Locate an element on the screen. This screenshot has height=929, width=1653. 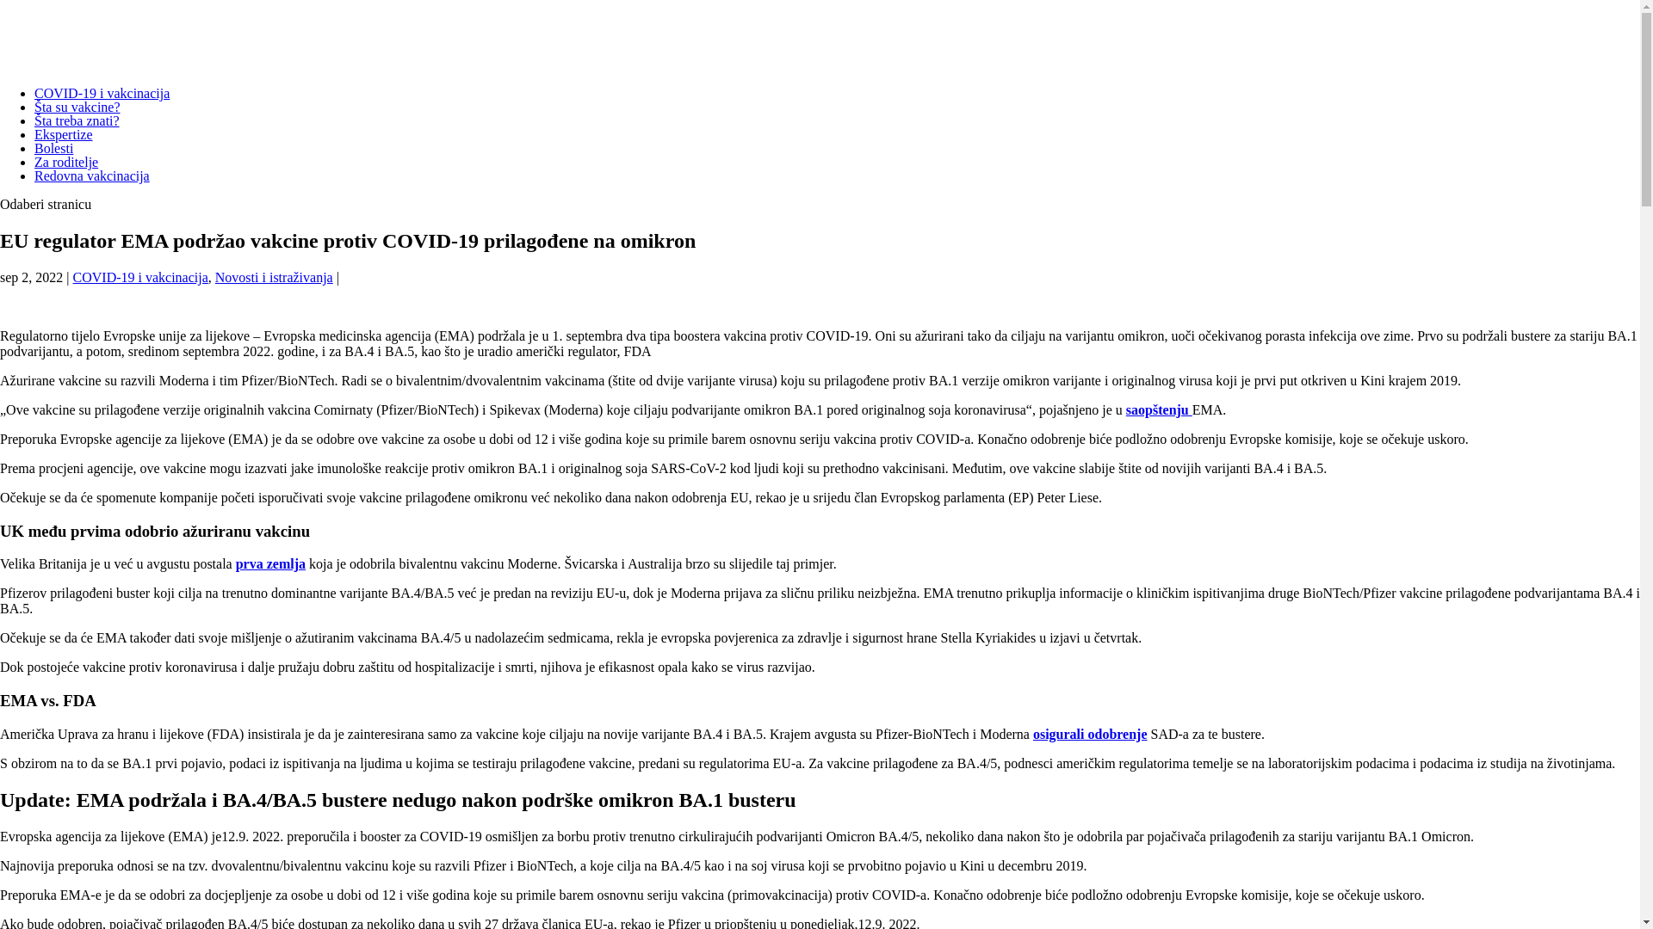
'Ekspertize' is located at coordinates (63, 133).